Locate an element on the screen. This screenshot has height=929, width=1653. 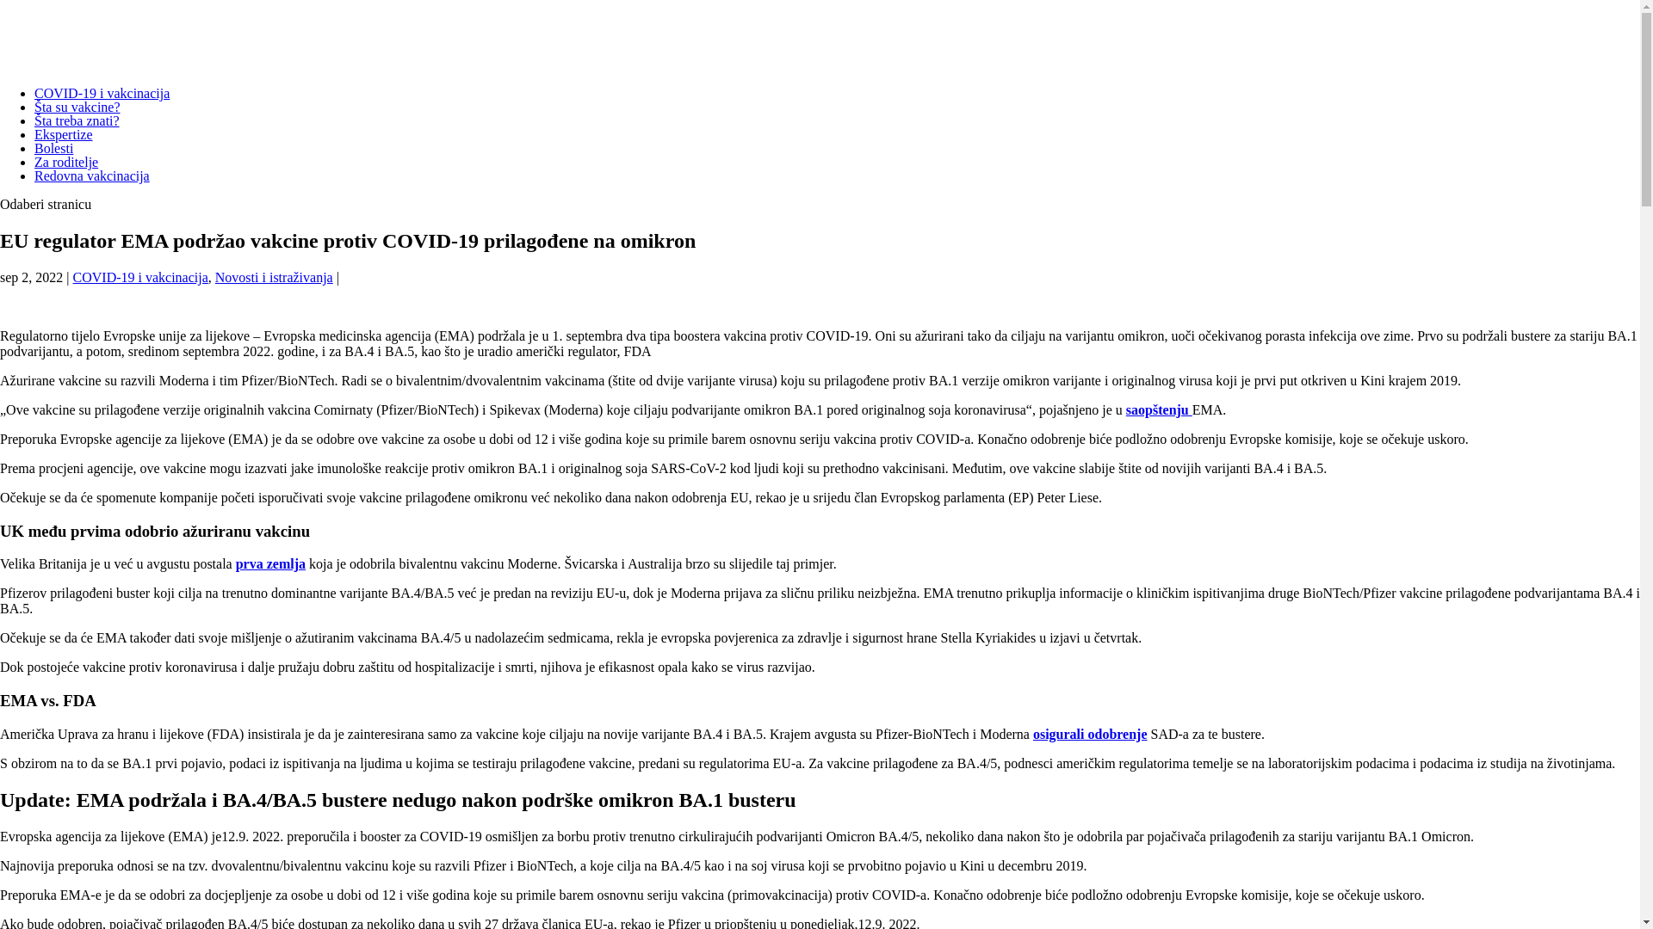
'Ekspertize' is located at coordinates (63, 133).